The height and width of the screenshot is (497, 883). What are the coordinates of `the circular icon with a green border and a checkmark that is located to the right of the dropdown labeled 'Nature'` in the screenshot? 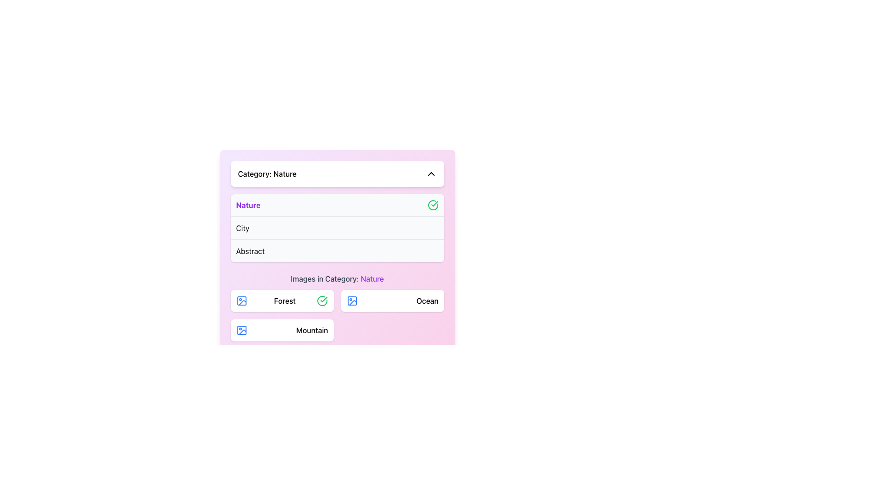 It's located at (322, 301).